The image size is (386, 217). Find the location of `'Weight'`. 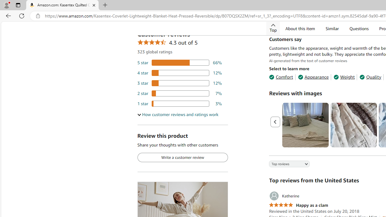

'Weight' is located at coordinates (344, 77).